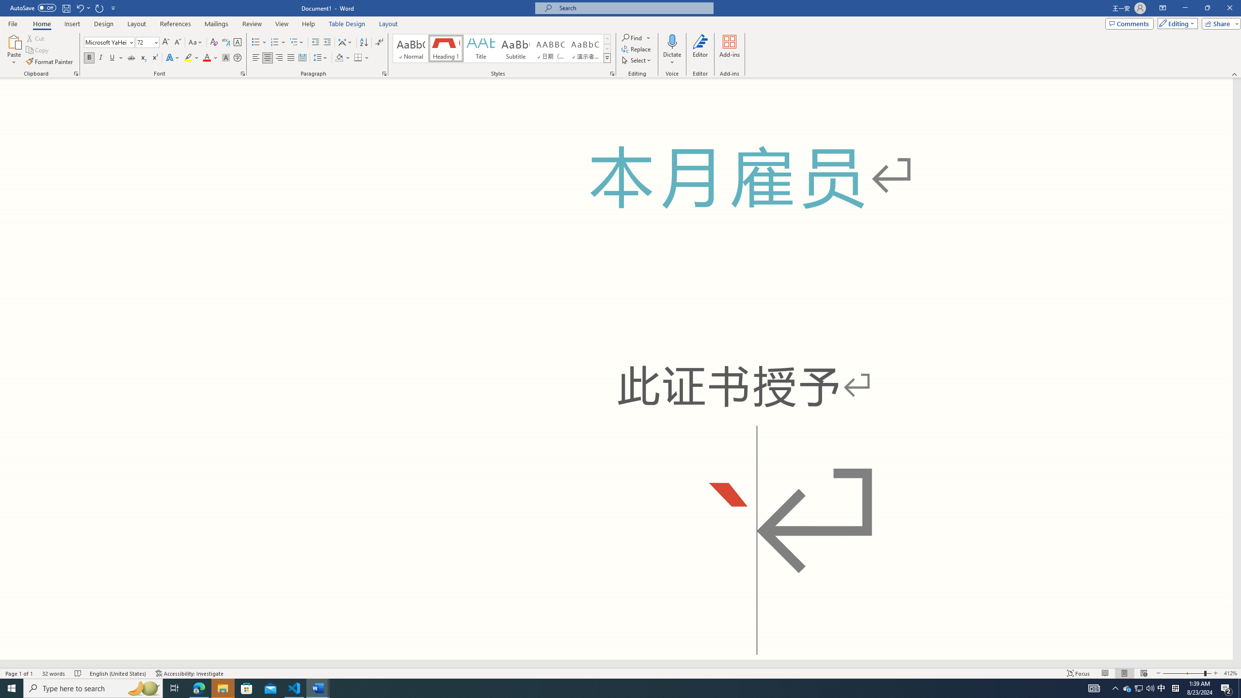  What do you see at coordinates (445, 48) in the screenshot?
I see `'Heading 1'` at bounding box center [445, 48].